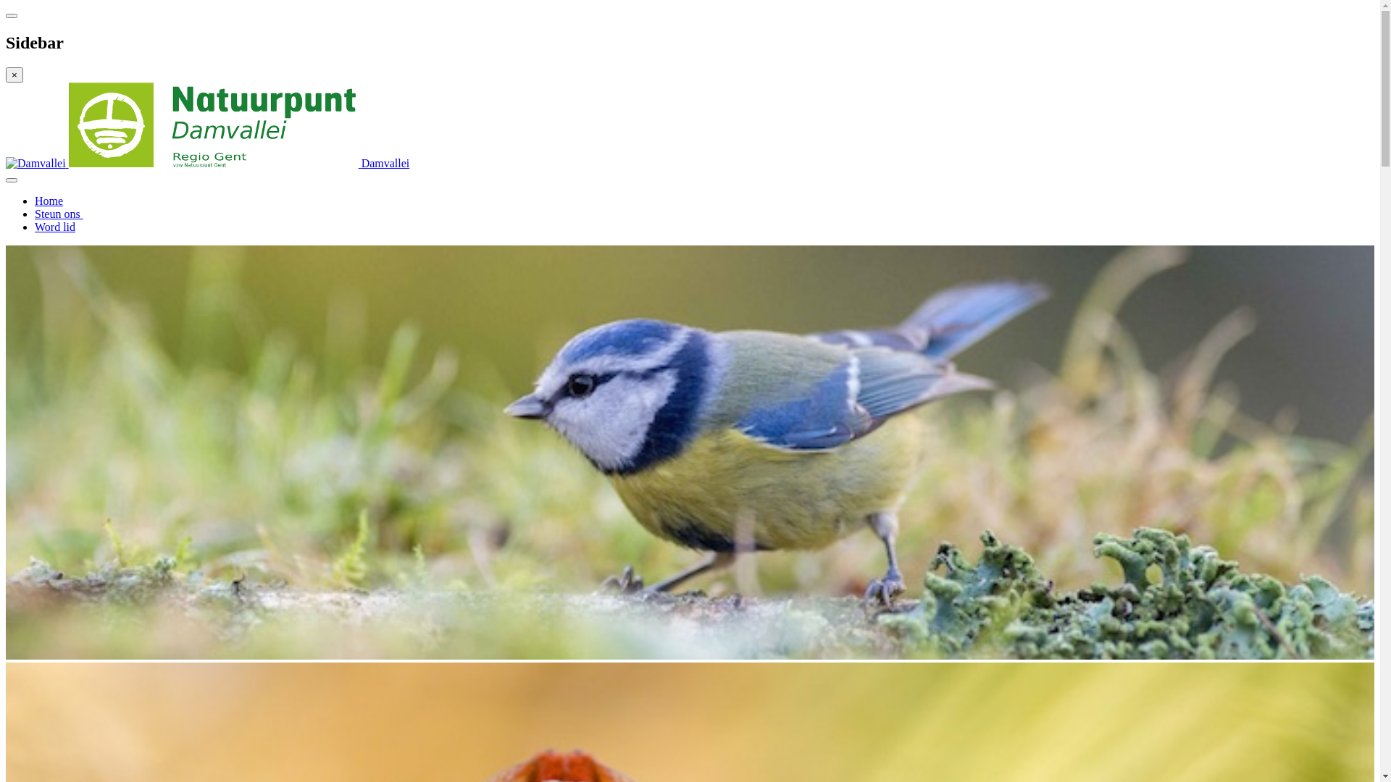 Image resolution: width=1391 pixels, height=782 pixels. I want to click on 'Word lid', so click(55, 227).